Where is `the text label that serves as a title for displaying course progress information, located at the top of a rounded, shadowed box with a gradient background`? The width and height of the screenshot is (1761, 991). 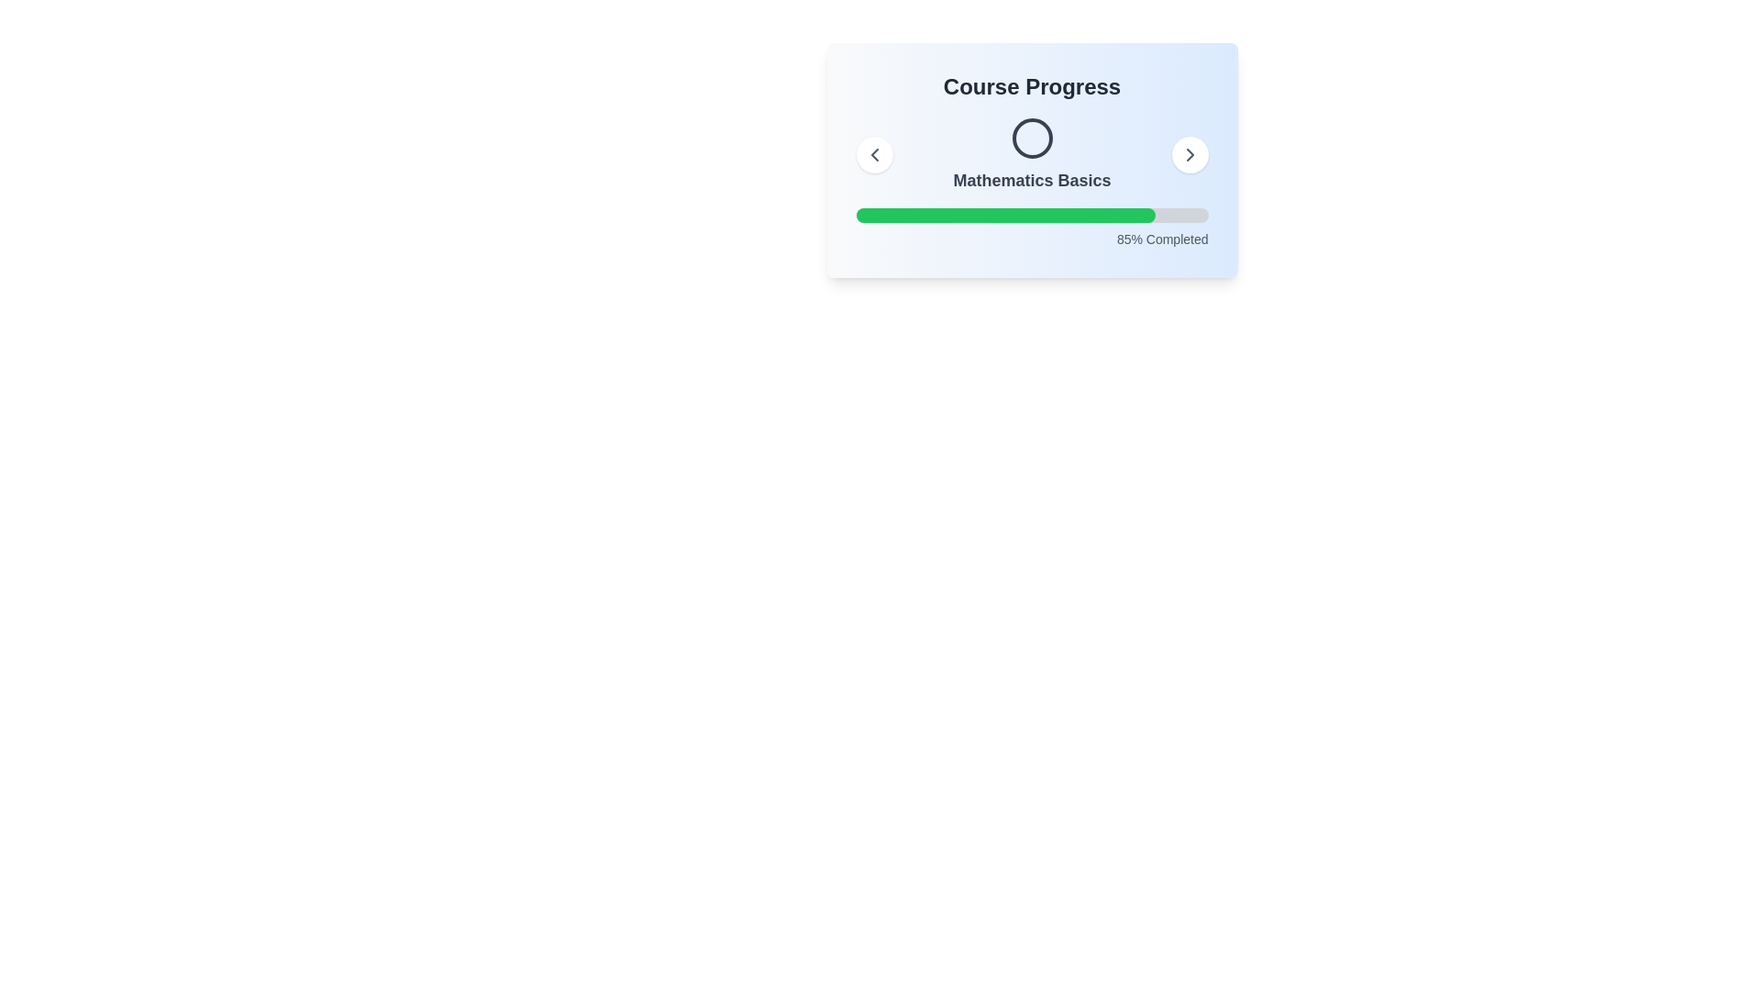
the text label that serves as a title for displaying course progress information, located at the top of a rounded, shadowed box with a gradient background is located at coordinates (1032, 87).